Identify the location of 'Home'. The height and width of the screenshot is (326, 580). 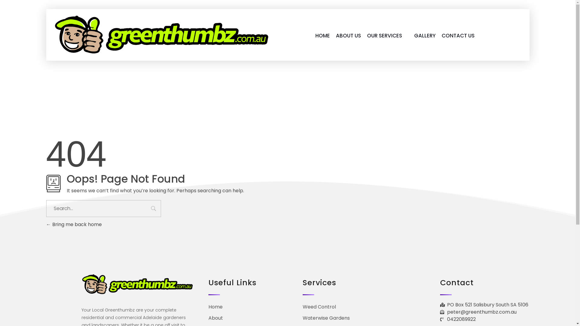
(215, 307).